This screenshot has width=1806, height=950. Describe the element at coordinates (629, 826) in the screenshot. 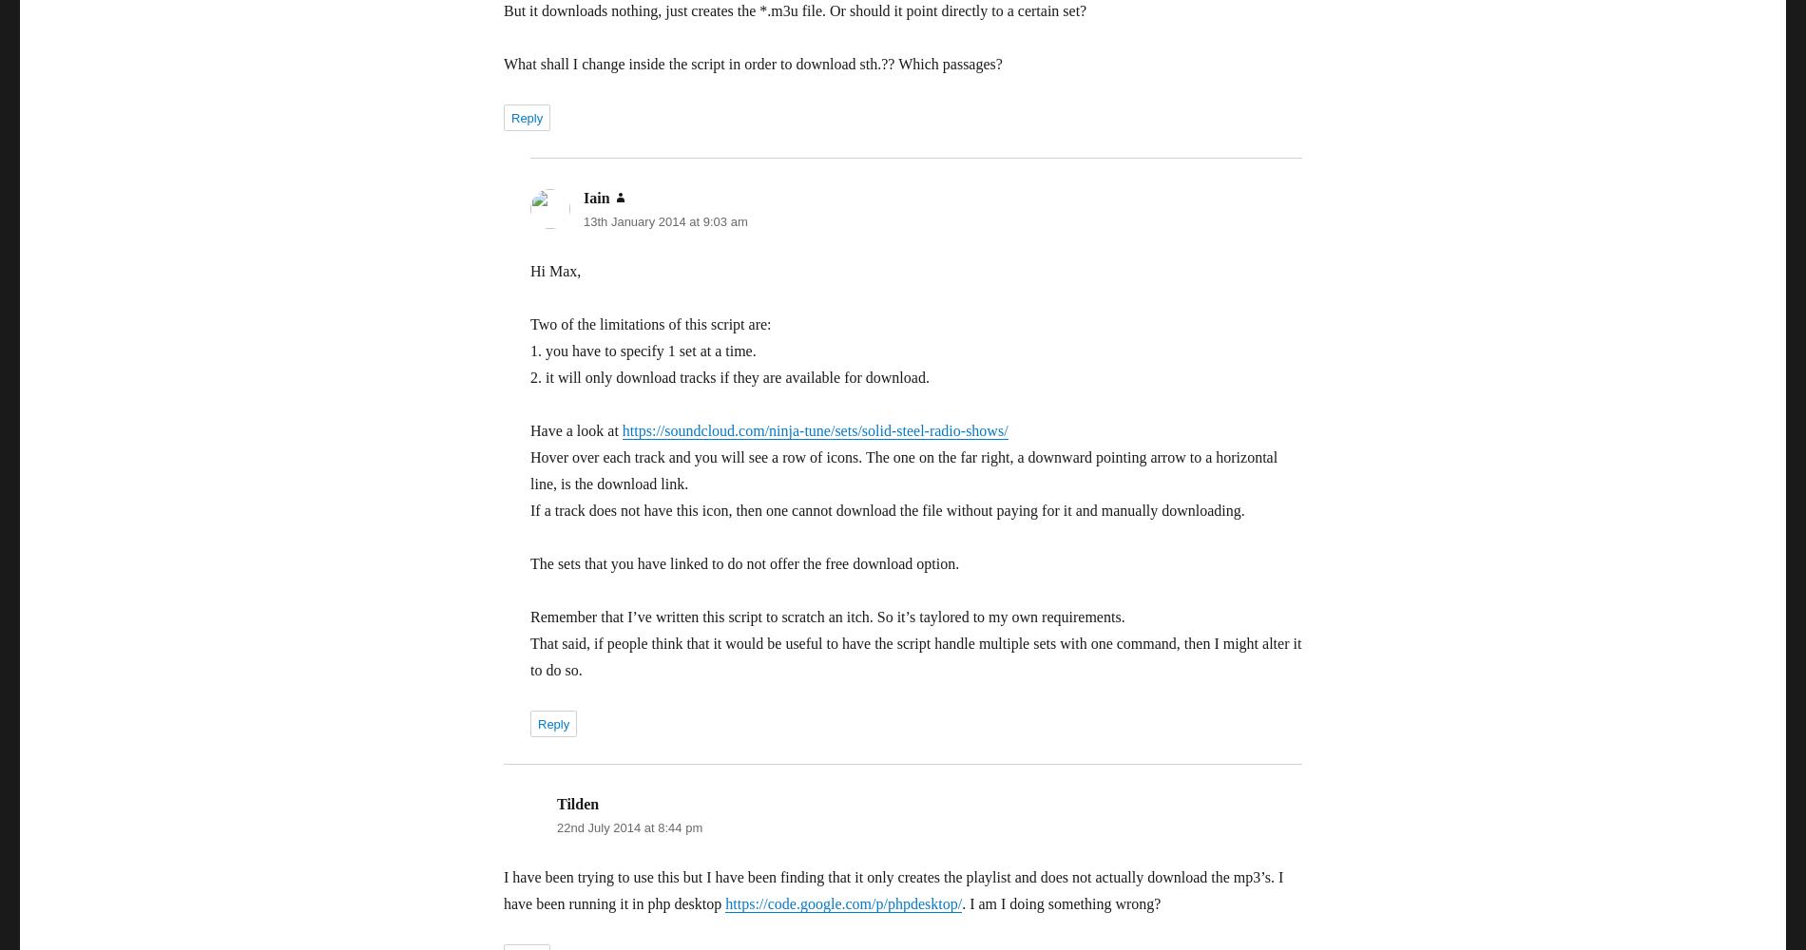

I see `'22nd July 2014 at 8:44 pm'` at that location.